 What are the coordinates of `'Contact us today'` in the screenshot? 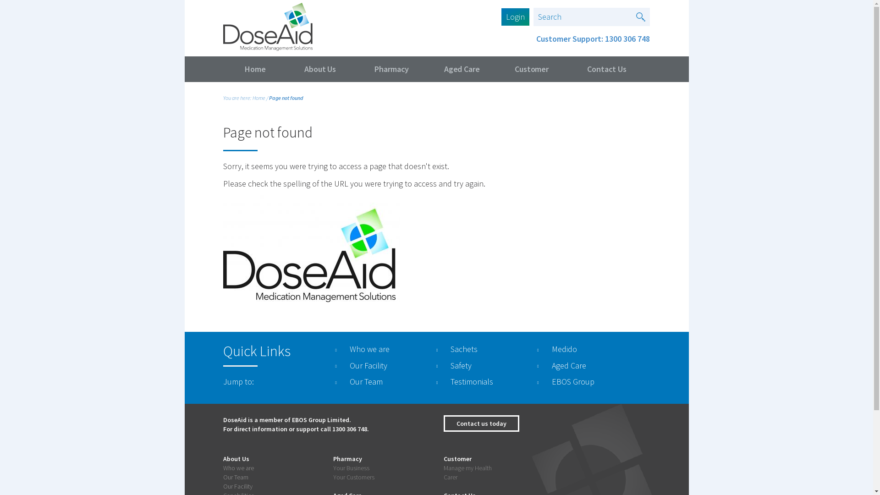 It's located at (481, 423).